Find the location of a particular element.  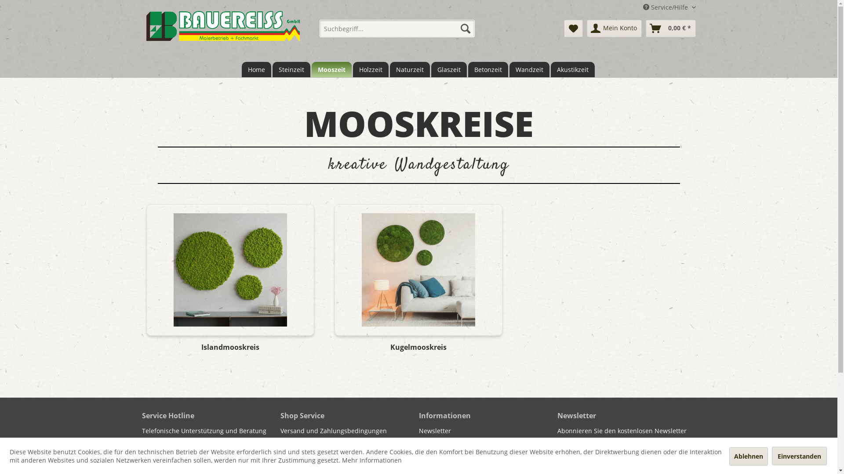

'Mooszeit' is located at coordinates (311, 69).